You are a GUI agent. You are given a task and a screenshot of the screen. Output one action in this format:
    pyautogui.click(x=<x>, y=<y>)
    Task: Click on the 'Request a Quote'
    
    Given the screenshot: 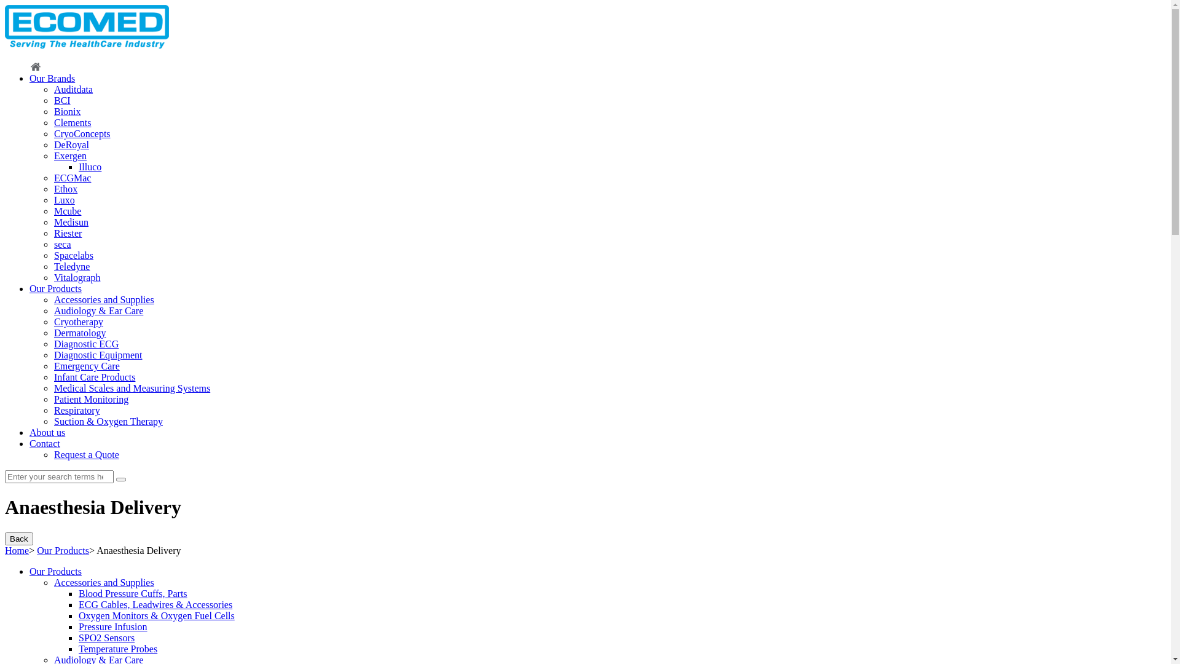 What is the action you would take?
    pyautogui.click(x=85, y=454)
    